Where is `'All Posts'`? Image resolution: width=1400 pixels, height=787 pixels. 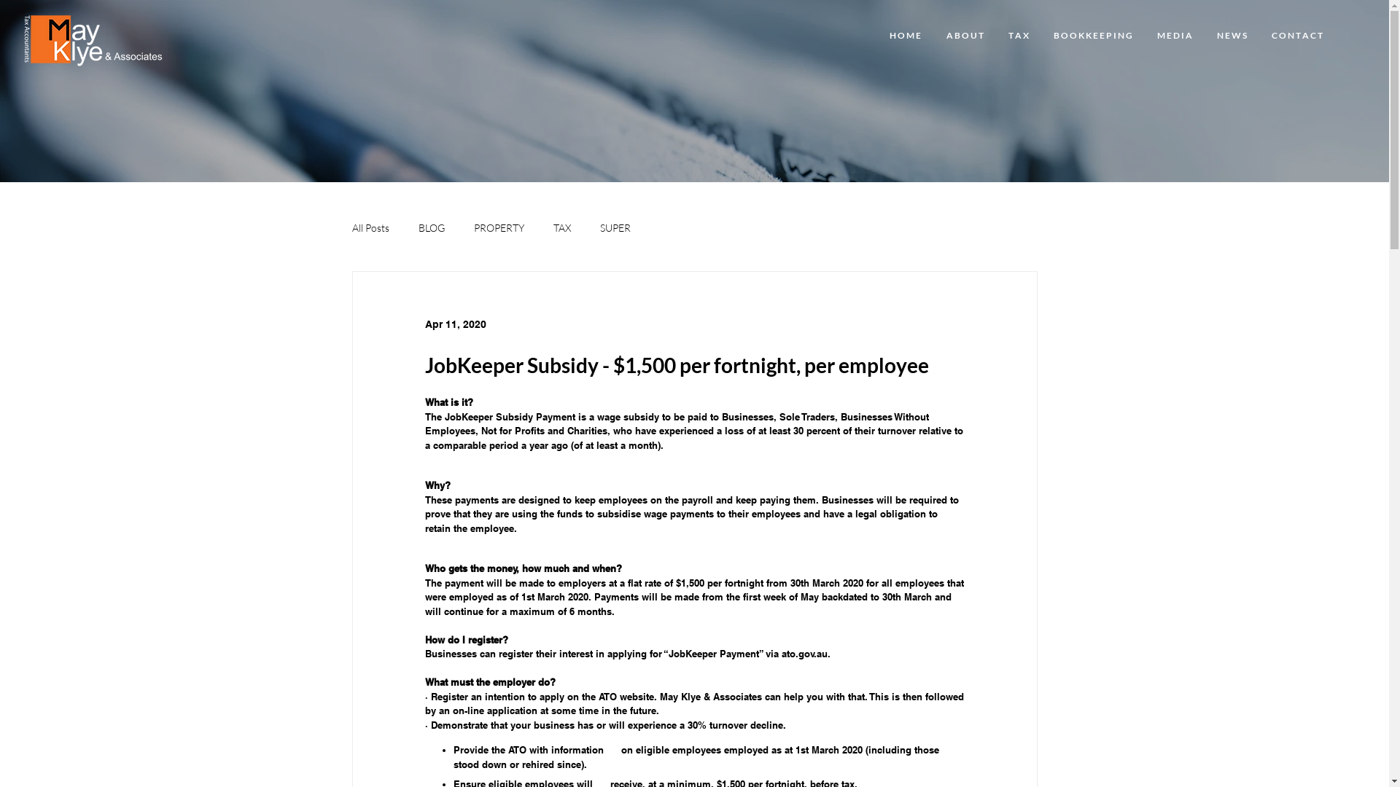
'All Posts' is located at coordinates (351, 227).